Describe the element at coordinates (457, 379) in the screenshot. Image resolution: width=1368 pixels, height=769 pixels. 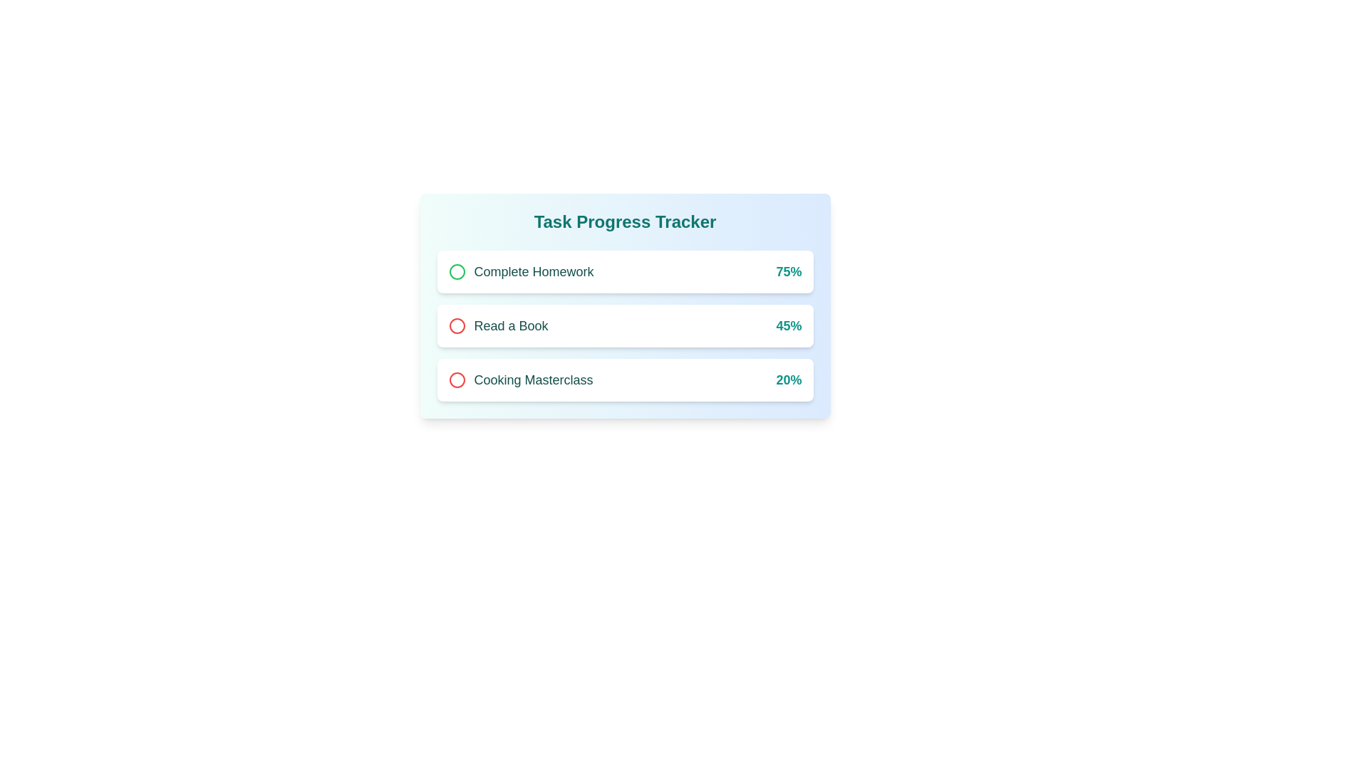
I see `the circular icon located adjacent to the 'Cooking Masterclass' entry in the task tracker, which is the third icon from the top` at that location.